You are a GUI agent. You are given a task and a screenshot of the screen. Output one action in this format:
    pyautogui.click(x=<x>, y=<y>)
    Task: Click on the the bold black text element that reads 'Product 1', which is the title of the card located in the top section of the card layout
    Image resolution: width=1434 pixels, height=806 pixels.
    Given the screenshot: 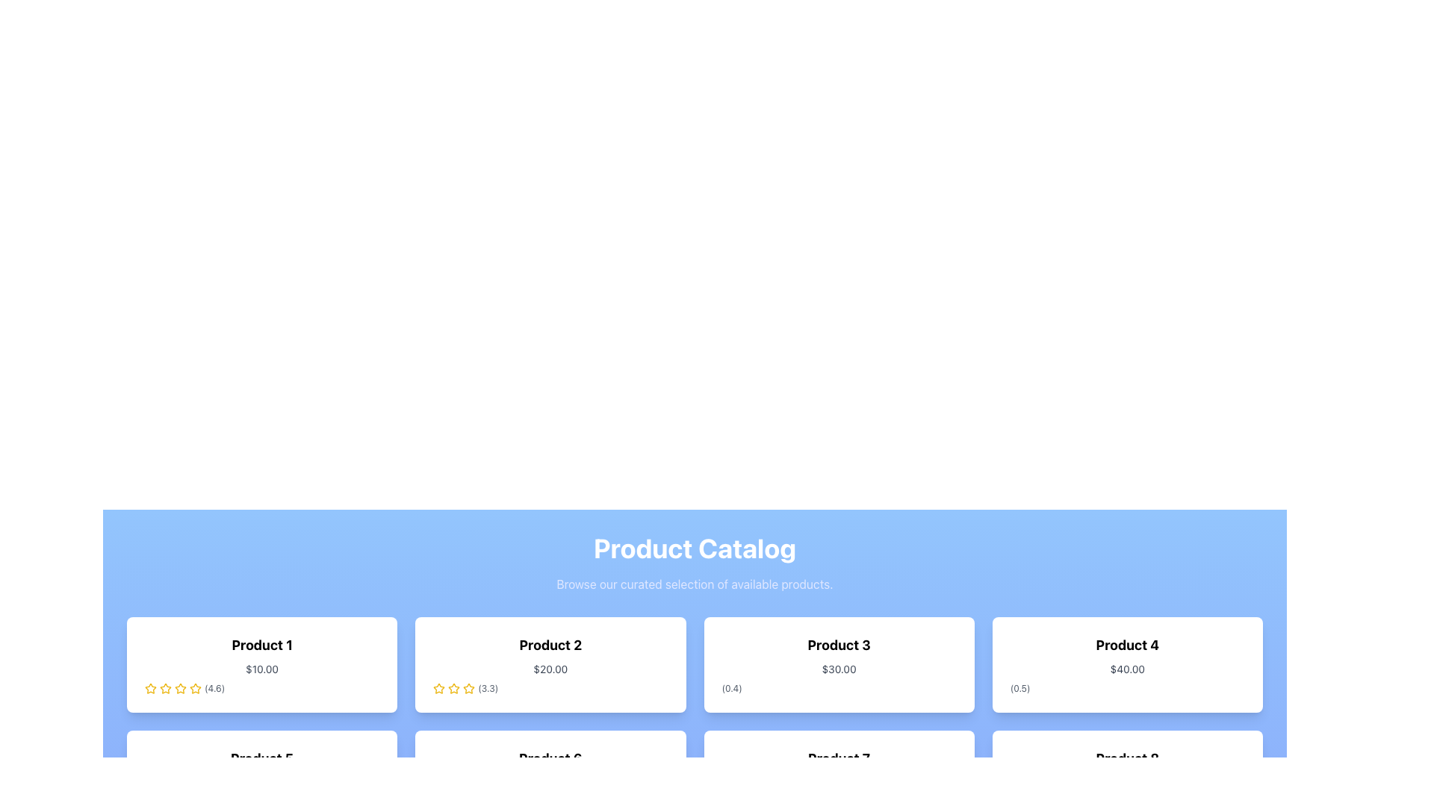 What is the action you would take?
    pyautogui.click(x=262, y=644)
    